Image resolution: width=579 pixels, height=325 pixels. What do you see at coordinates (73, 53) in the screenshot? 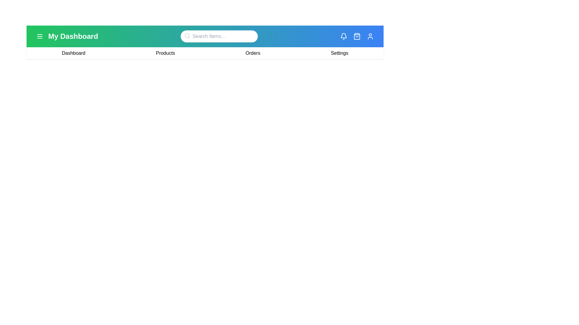
I see `the 'Dashboard' link to navigate to the Dashboard section` at bounding box center [73, 53].